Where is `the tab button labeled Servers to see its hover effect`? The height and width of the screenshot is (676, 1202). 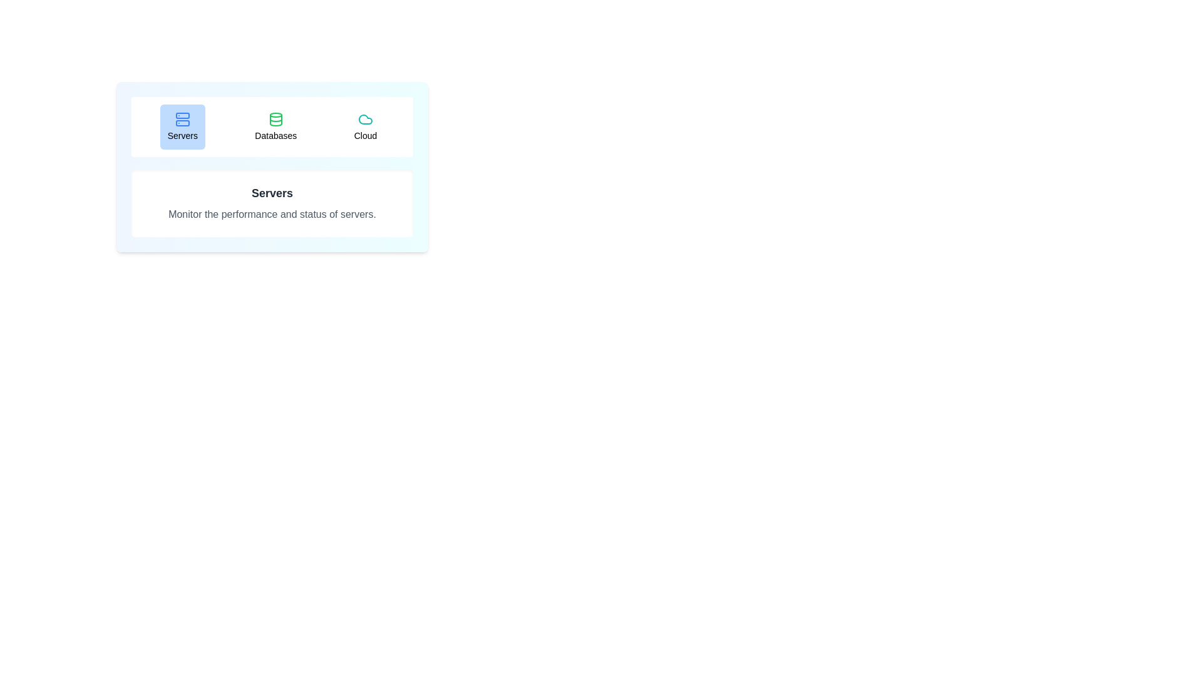 the tab button labeled Servers to see its hover effect is located at coordinates (182, 127).